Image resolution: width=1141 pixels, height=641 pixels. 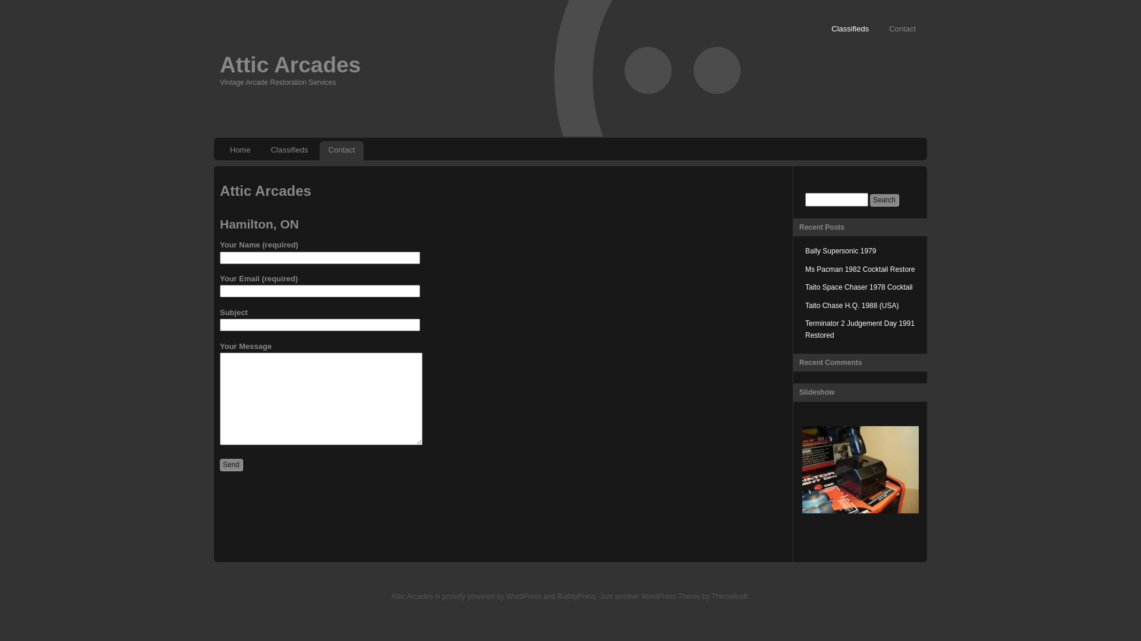 I want to click on 'Search', so click(x=884, y=199).